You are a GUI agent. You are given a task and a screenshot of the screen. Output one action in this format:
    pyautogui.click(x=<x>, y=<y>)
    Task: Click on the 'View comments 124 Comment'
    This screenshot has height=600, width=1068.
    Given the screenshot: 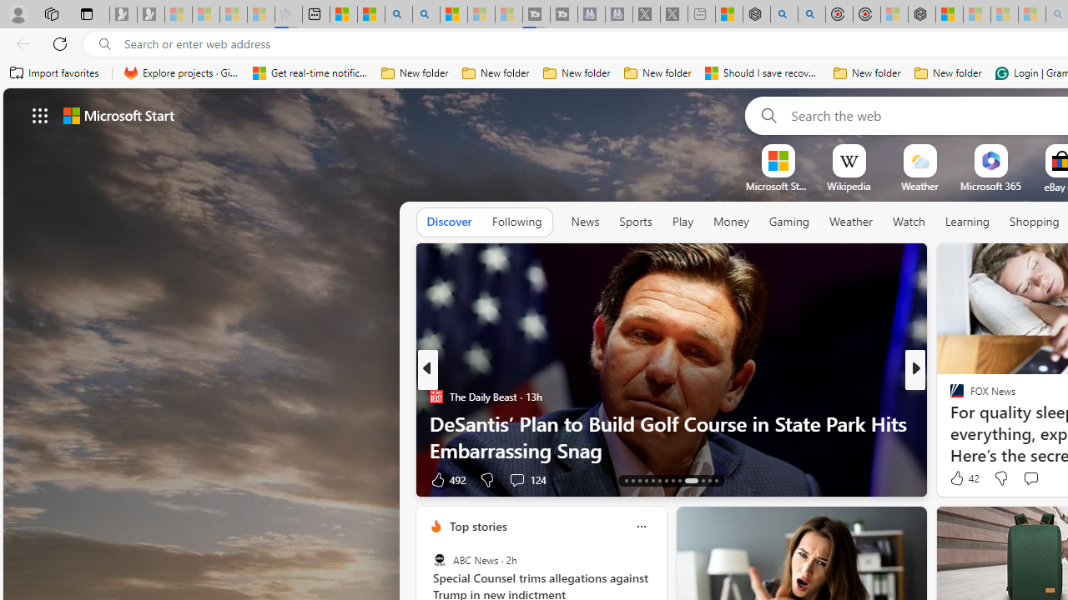 What is the action you would take?
    pyautogui.click(x=526, y=479)
    